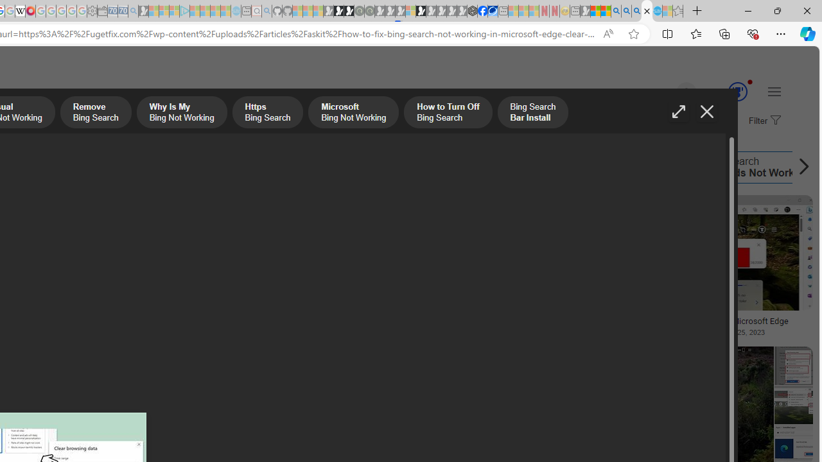 This screenshot has height=462, width=822. I want to click on 'Sign in to your account - Sleeping', so click(410, 11).